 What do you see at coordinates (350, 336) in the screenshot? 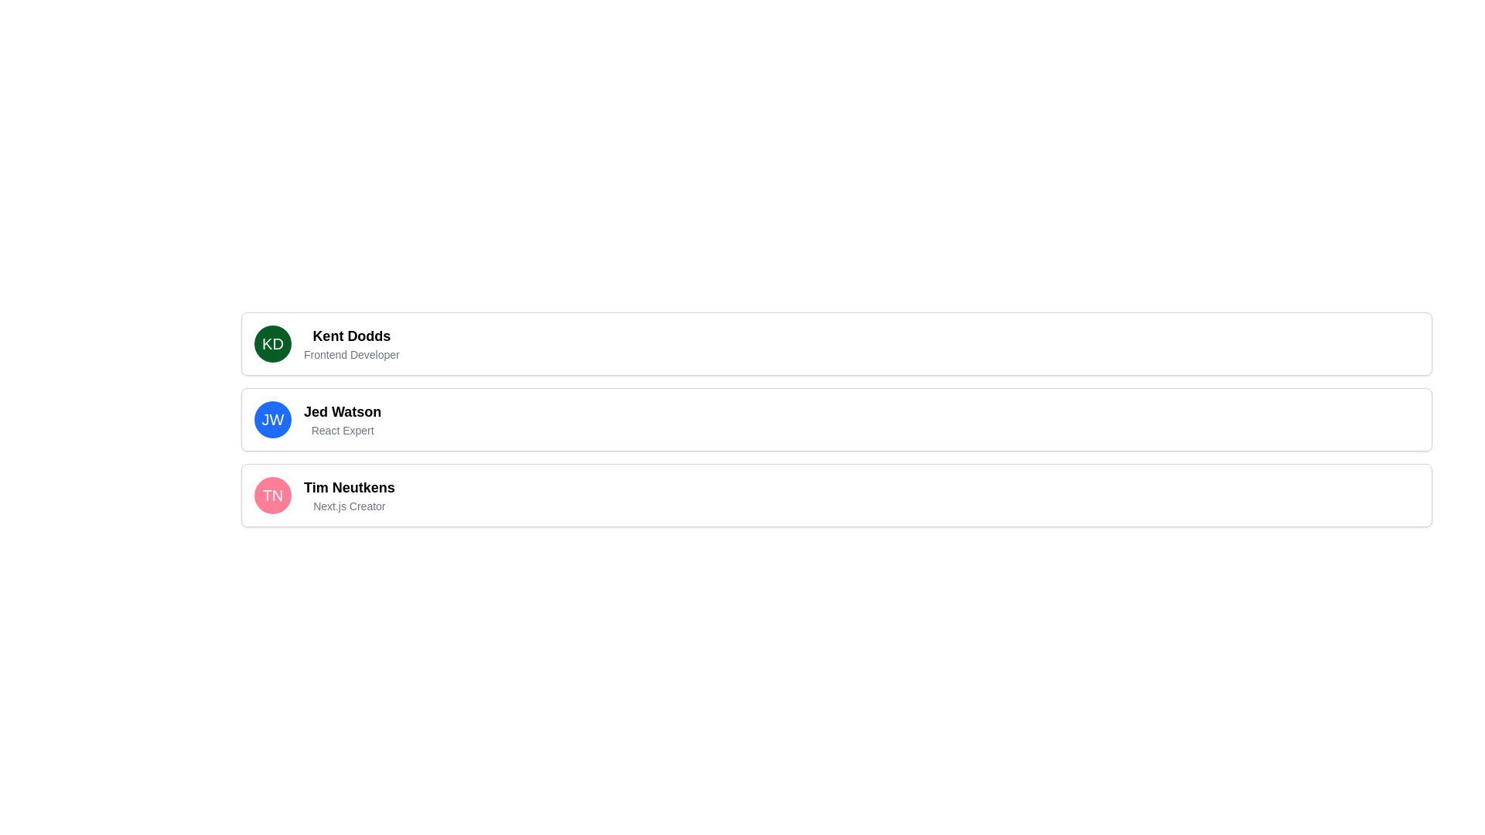
I see `the text label displaying 'Kent Dodds', which is styled in bold and larger font, located in the top-most card of a vertical list, above the 'Frontend Developer' label` at bounding box center [350, 336].